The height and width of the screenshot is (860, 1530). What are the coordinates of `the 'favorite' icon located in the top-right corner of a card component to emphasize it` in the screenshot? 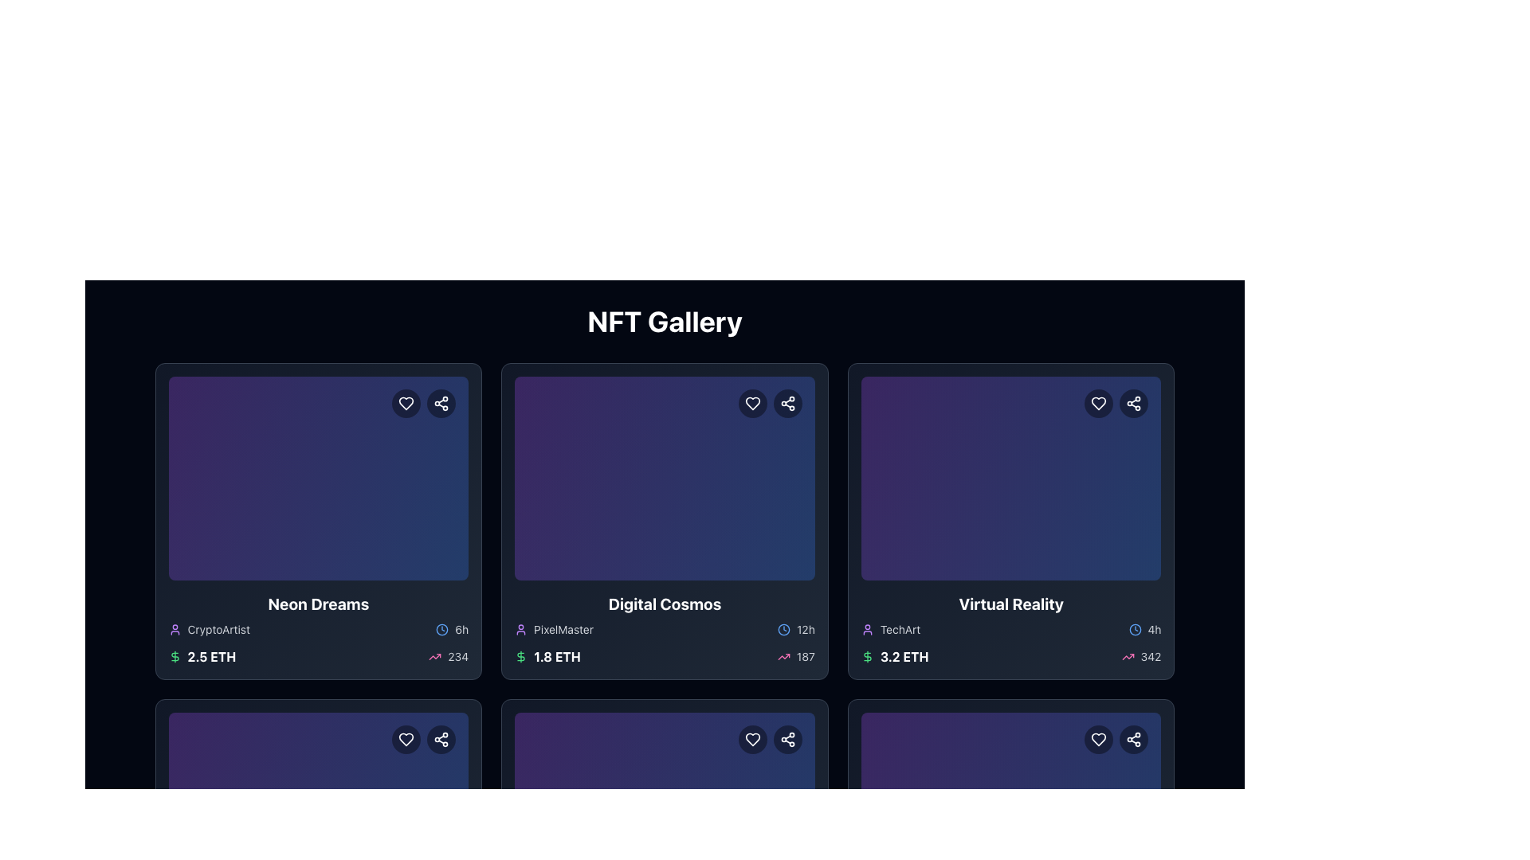 It's located at (406, 740).